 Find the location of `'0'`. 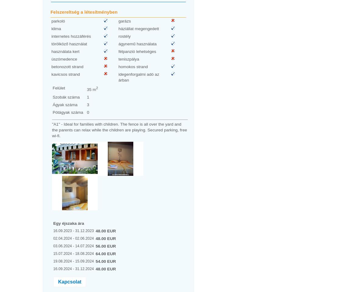

'0' is located at coordinates (86, 112).